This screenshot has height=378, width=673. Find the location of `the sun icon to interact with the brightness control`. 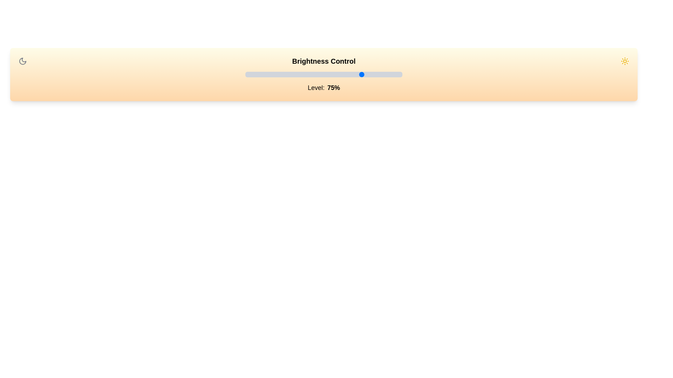

the sun icon to interact with the brightness control is located at coordinates (625, 61).